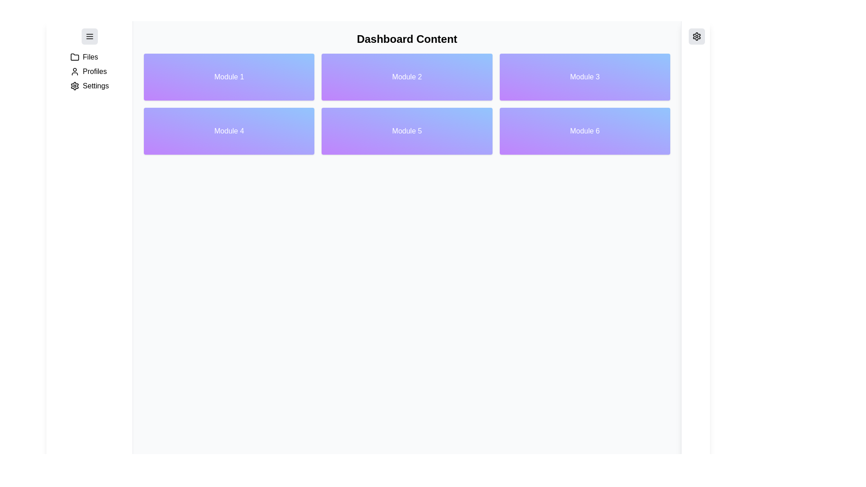 This screenshot has height=487, width=866. Describe the element at coordinates (406, 76) in the screenshot. I see `the 'Module 2' button, which is a rectangle with a gradient background from purple to blue, featuring white bold text centered within it` at that location.